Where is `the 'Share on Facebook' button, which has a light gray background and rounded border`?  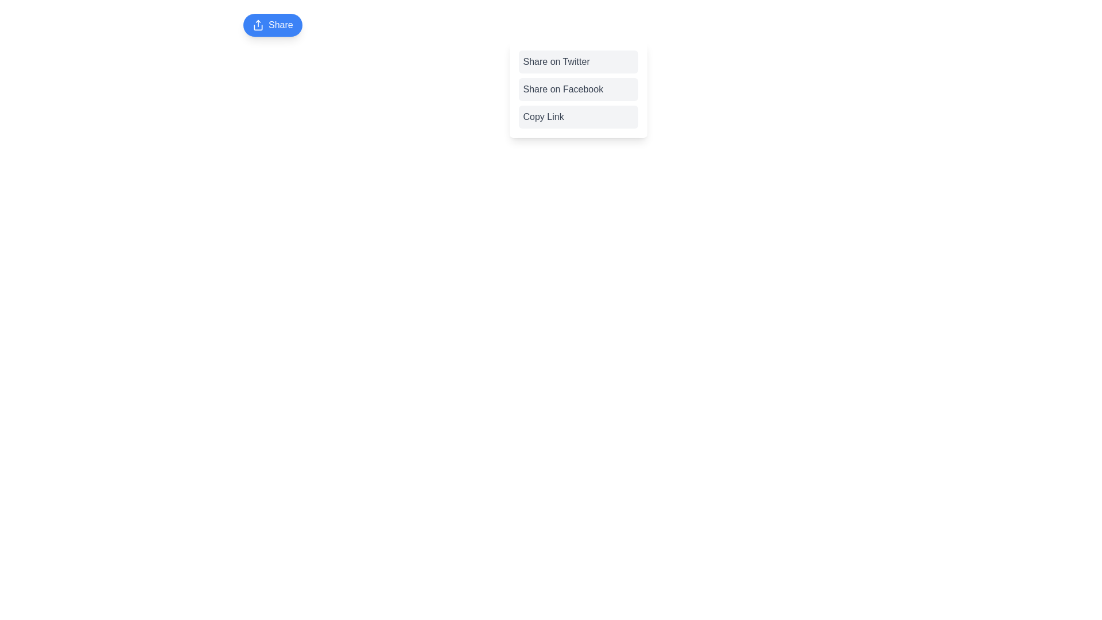 the 'Share on Facebook' button, which has a light gray background and rounded border is located at coordinates (578, 88).